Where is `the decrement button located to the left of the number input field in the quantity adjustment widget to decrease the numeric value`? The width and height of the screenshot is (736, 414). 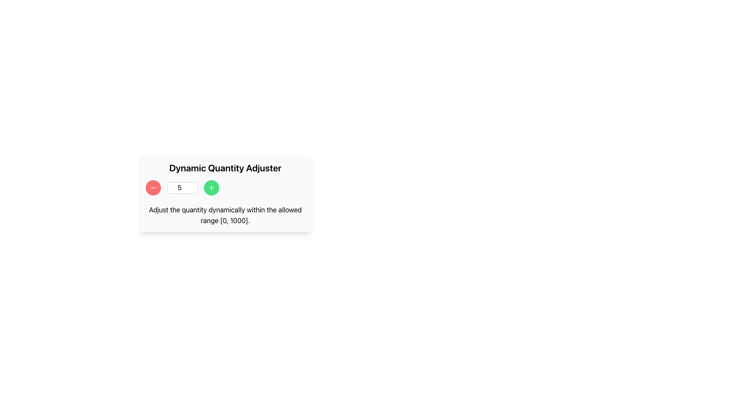 the decrement button located to the left of the number input field in the quantity adjustment widget to decrease the numeric value is located at coordinates (153, 187).